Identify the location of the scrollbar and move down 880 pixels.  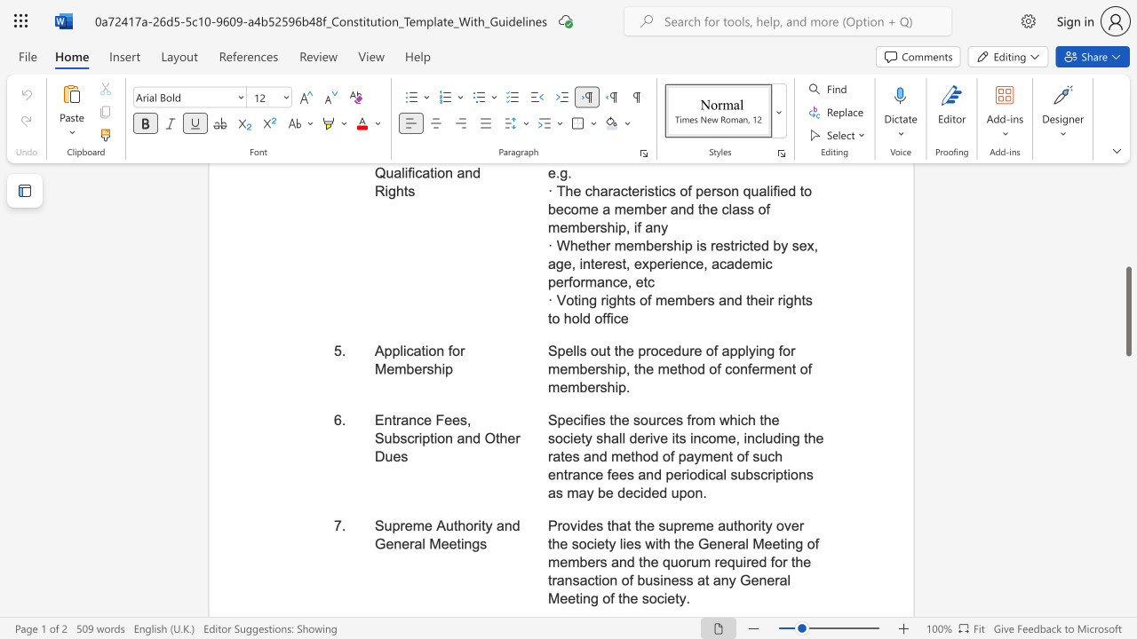
(1127, 311).